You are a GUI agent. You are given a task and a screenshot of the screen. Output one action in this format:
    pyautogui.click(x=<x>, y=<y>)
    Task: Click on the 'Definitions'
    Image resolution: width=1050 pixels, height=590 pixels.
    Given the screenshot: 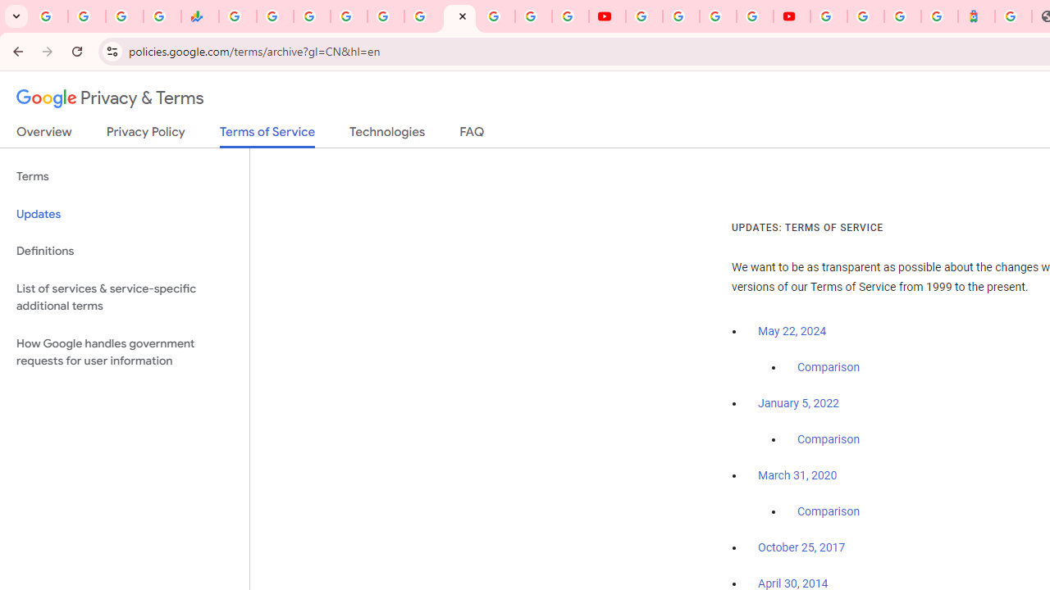 What is the action you would take?
    pyautogui.click(x=124, y=251)
    